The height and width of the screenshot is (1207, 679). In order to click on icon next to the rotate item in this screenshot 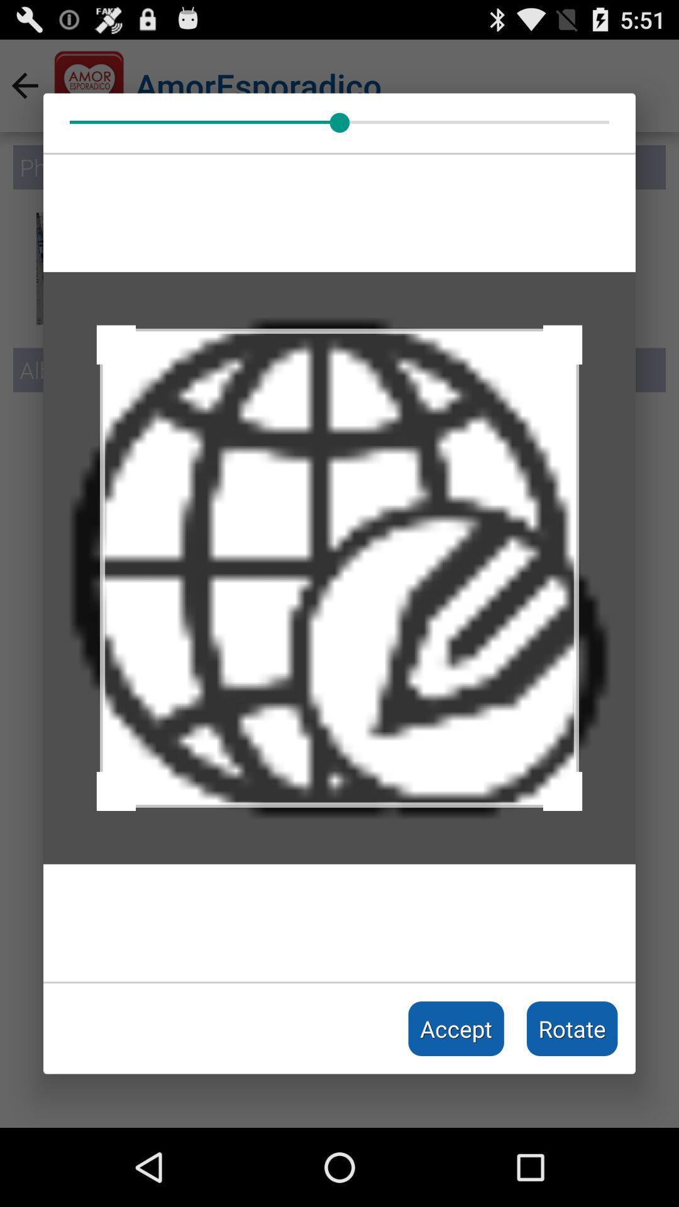, I will do `click(456, 1028)`.